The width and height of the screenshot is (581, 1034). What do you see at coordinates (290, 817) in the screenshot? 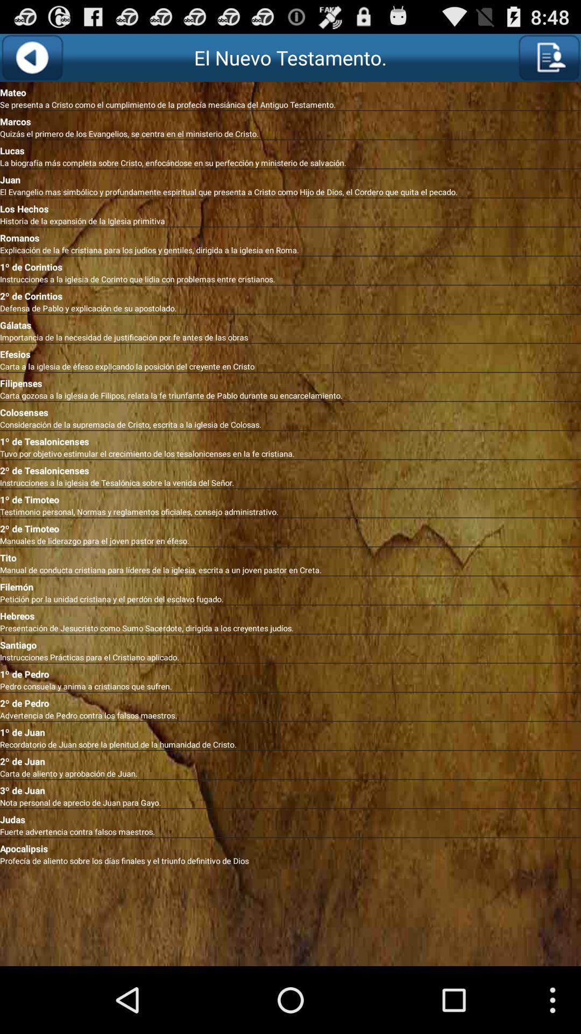
I see `app above fuerte advertencia contra` at bounding box center [290, 817].